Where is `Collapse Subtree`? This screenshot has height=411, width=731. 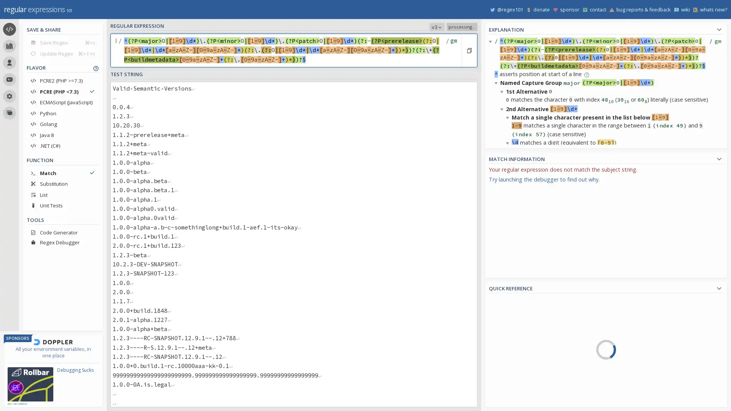 Collapse Subtree is located at coordinates (497, 358).